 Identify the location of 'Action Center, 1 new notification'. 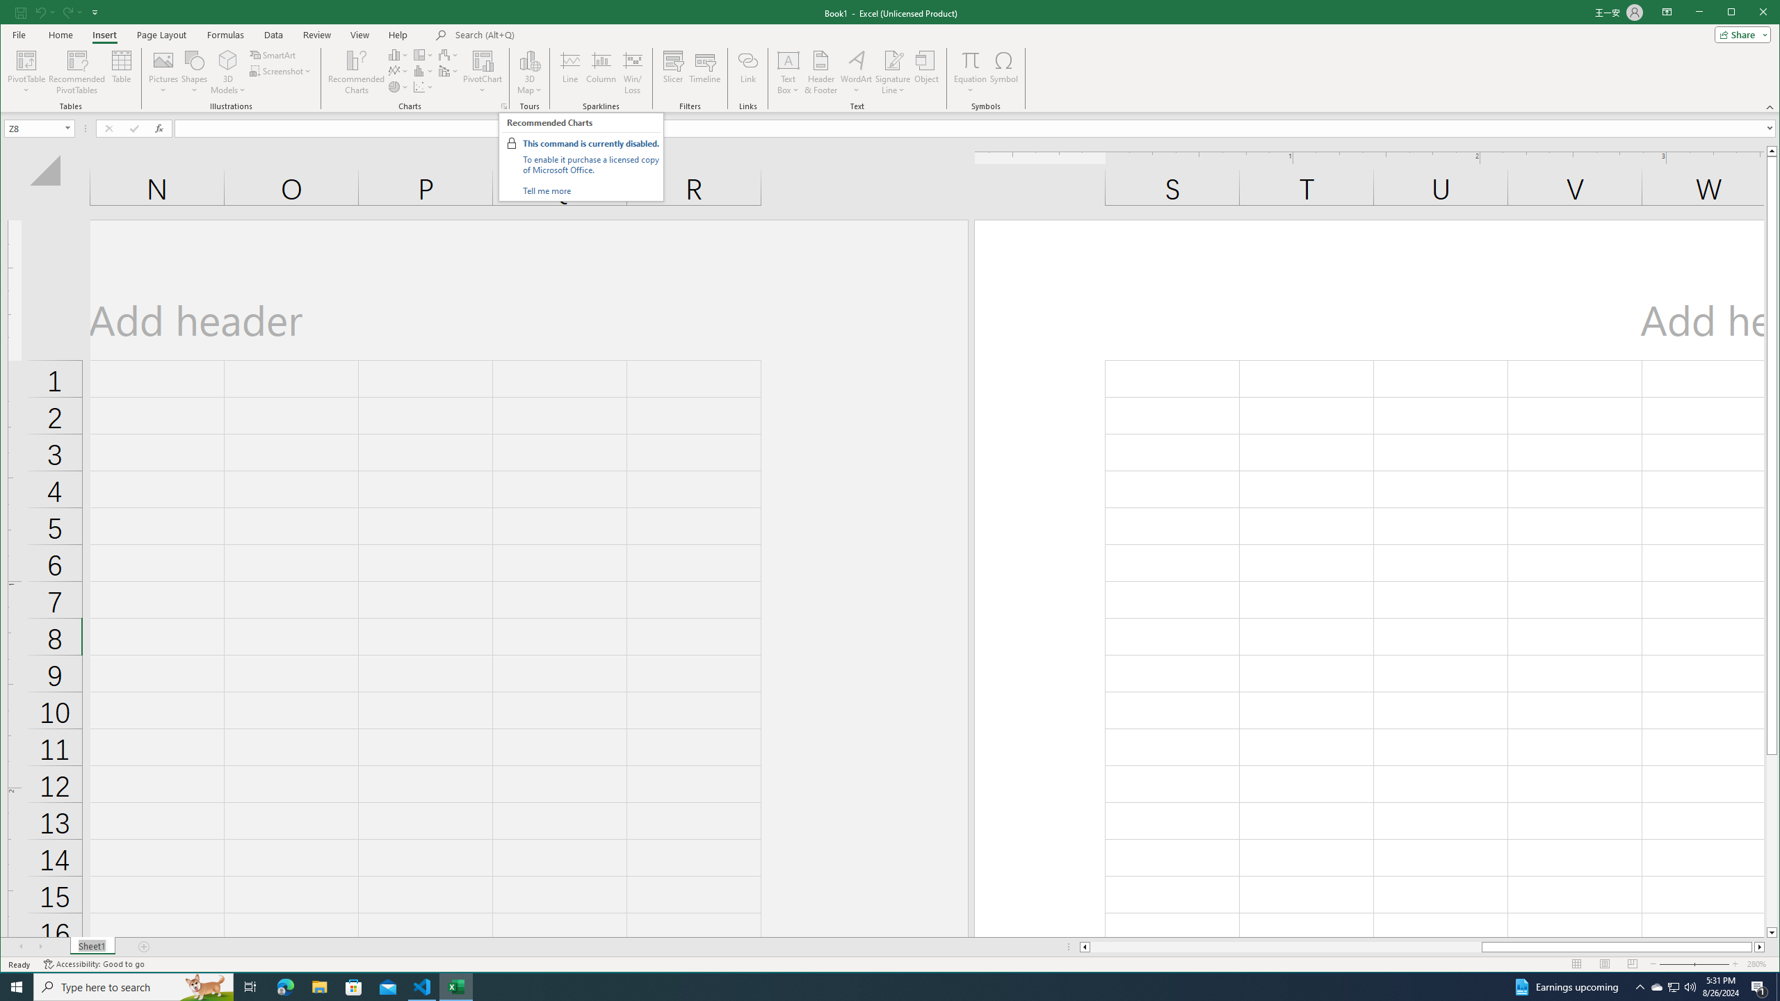
(1759, 986).